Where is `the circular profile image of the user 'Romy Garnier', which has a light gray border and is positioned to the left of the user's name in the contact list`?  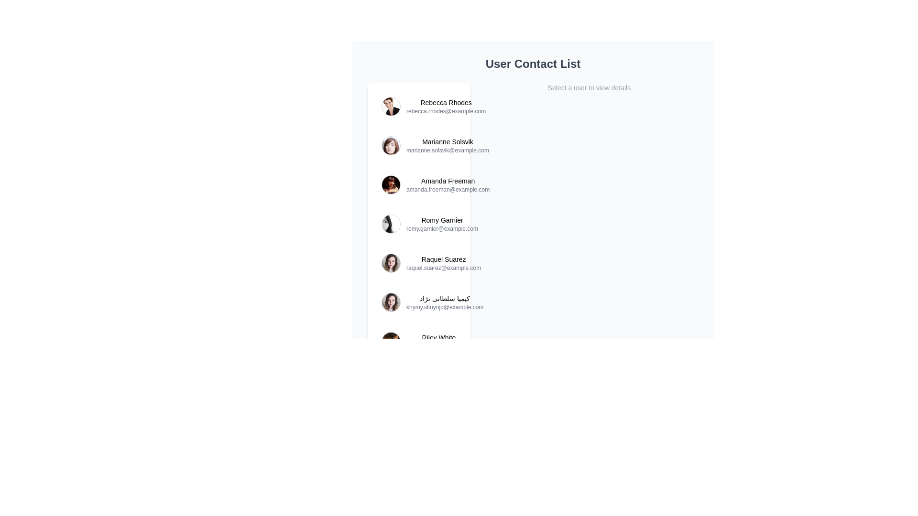 the circular profile image of the user 'Romy Garnier', which has a light gray border and is positioned to the left of the user's name in the contact list is located at coordinates (391, 224).